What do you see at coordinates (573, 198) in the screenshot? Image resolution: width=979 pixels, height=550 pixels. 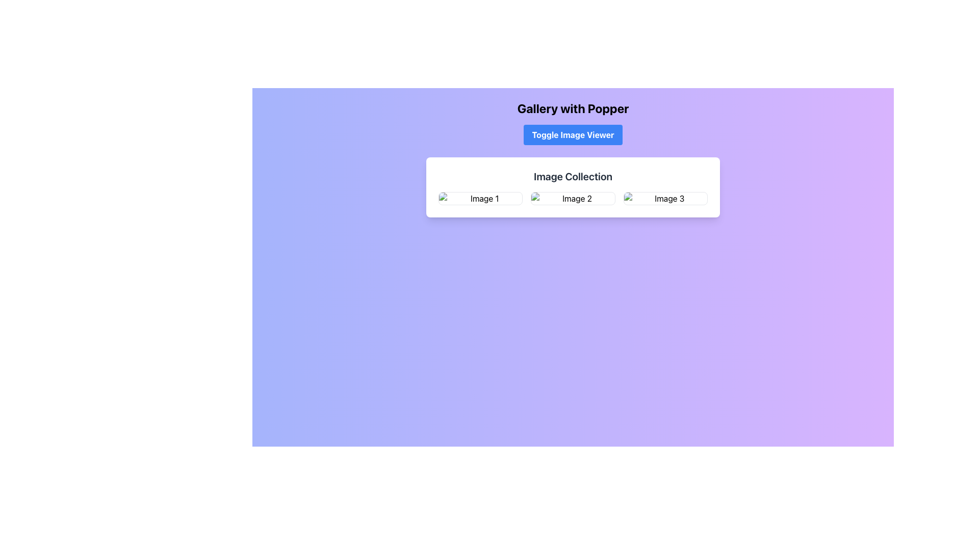 I see `the rectangular image thumbnail labeled 'Image 2'` at bounding box center [573, 198].